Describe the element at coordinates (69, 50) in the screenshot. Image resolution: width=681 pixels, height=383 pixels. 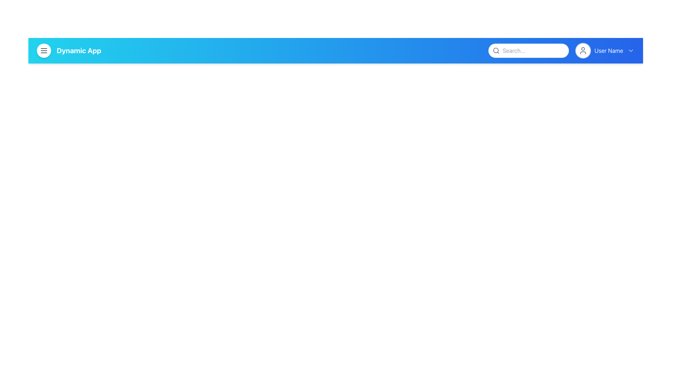
I see `the 'Dynamic App' text label, which is styled in bold white font against a gradient blue background` at that location.